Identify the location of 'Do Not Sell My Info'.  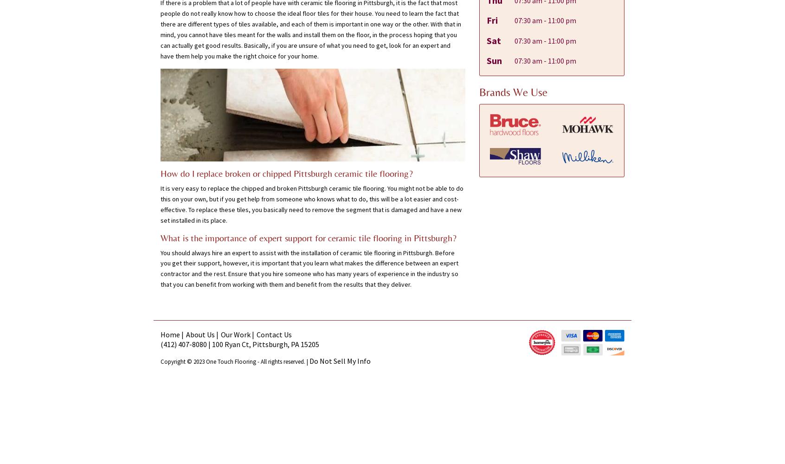
(339, 361).